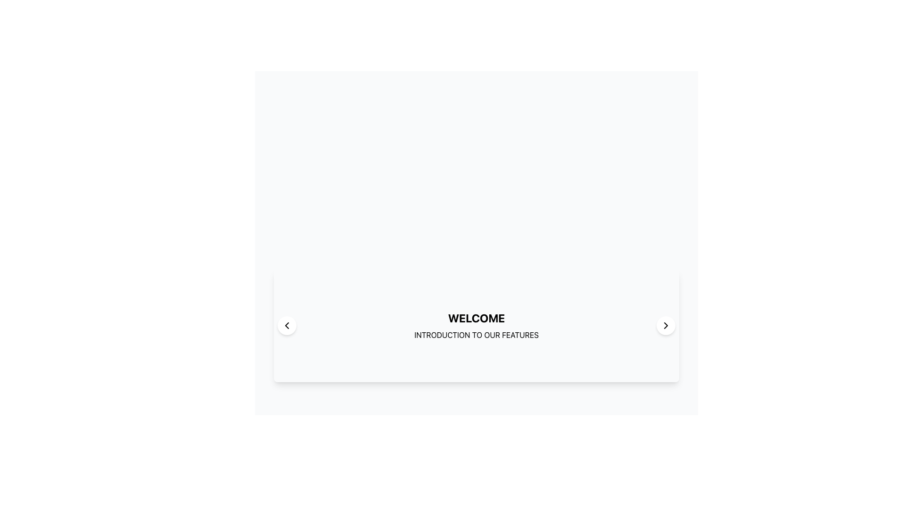  I want to click on the navigation icon embedded in the button, so click(287, 325).